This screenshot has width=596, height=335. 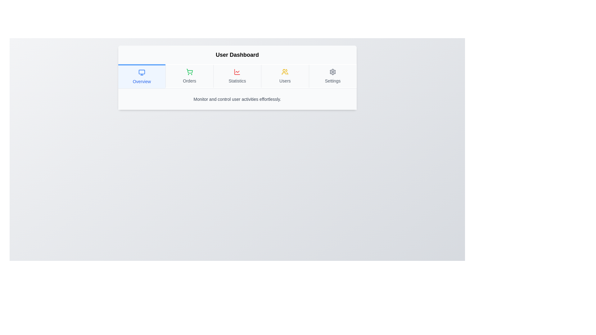 I want to click on the fourth navigation tab, located between the 'Statistics' tab and the 'Settings' tab, so click(x=284, y=76).